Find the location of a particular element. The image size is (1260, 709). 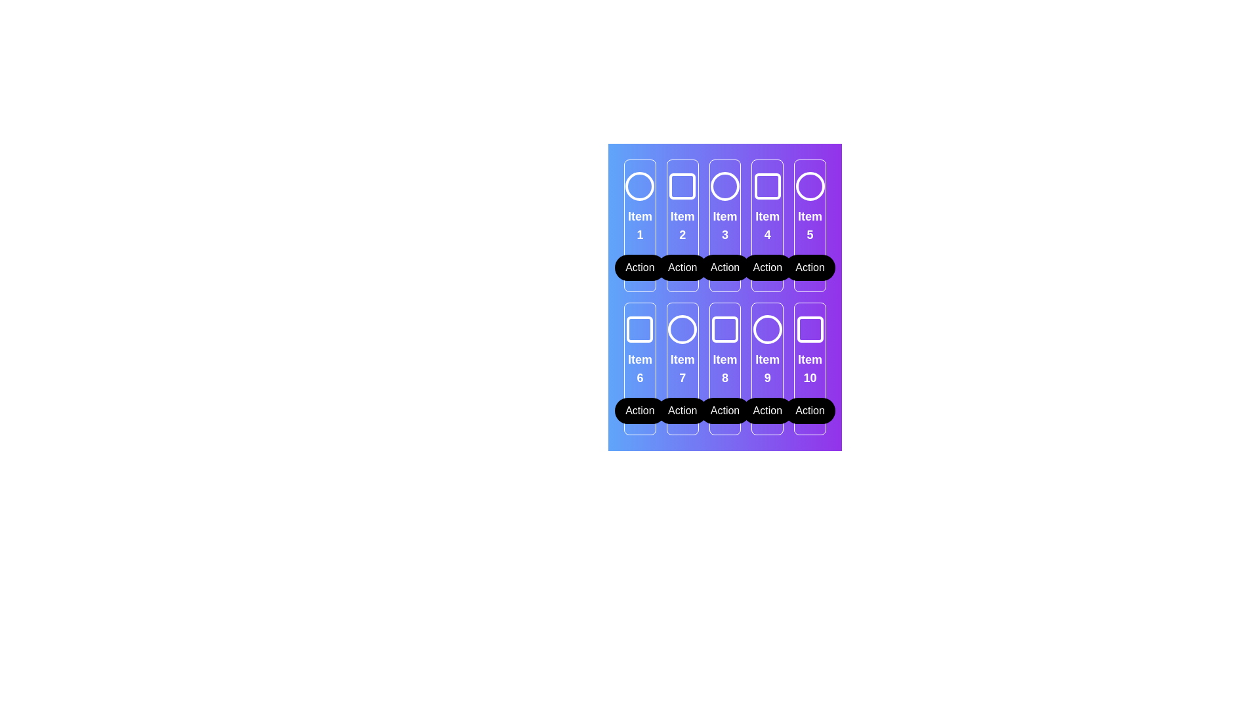

the actionable button located directly below the 'Item 1' label in the top-left section of the grid layout is located at coordinates (640, 267).